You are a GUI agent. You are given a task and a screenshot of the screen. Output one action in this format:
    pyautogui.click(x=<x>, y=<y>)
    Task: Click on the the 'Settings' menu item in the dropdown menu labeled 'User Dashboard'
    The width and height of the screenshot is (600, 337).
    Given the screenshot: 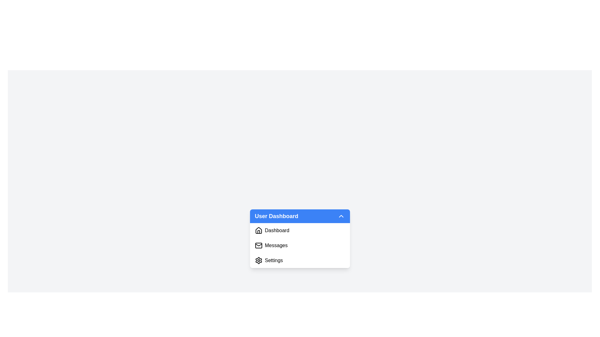 What is the action you would take?
    pyautogui.click(x=274, y=260)
    